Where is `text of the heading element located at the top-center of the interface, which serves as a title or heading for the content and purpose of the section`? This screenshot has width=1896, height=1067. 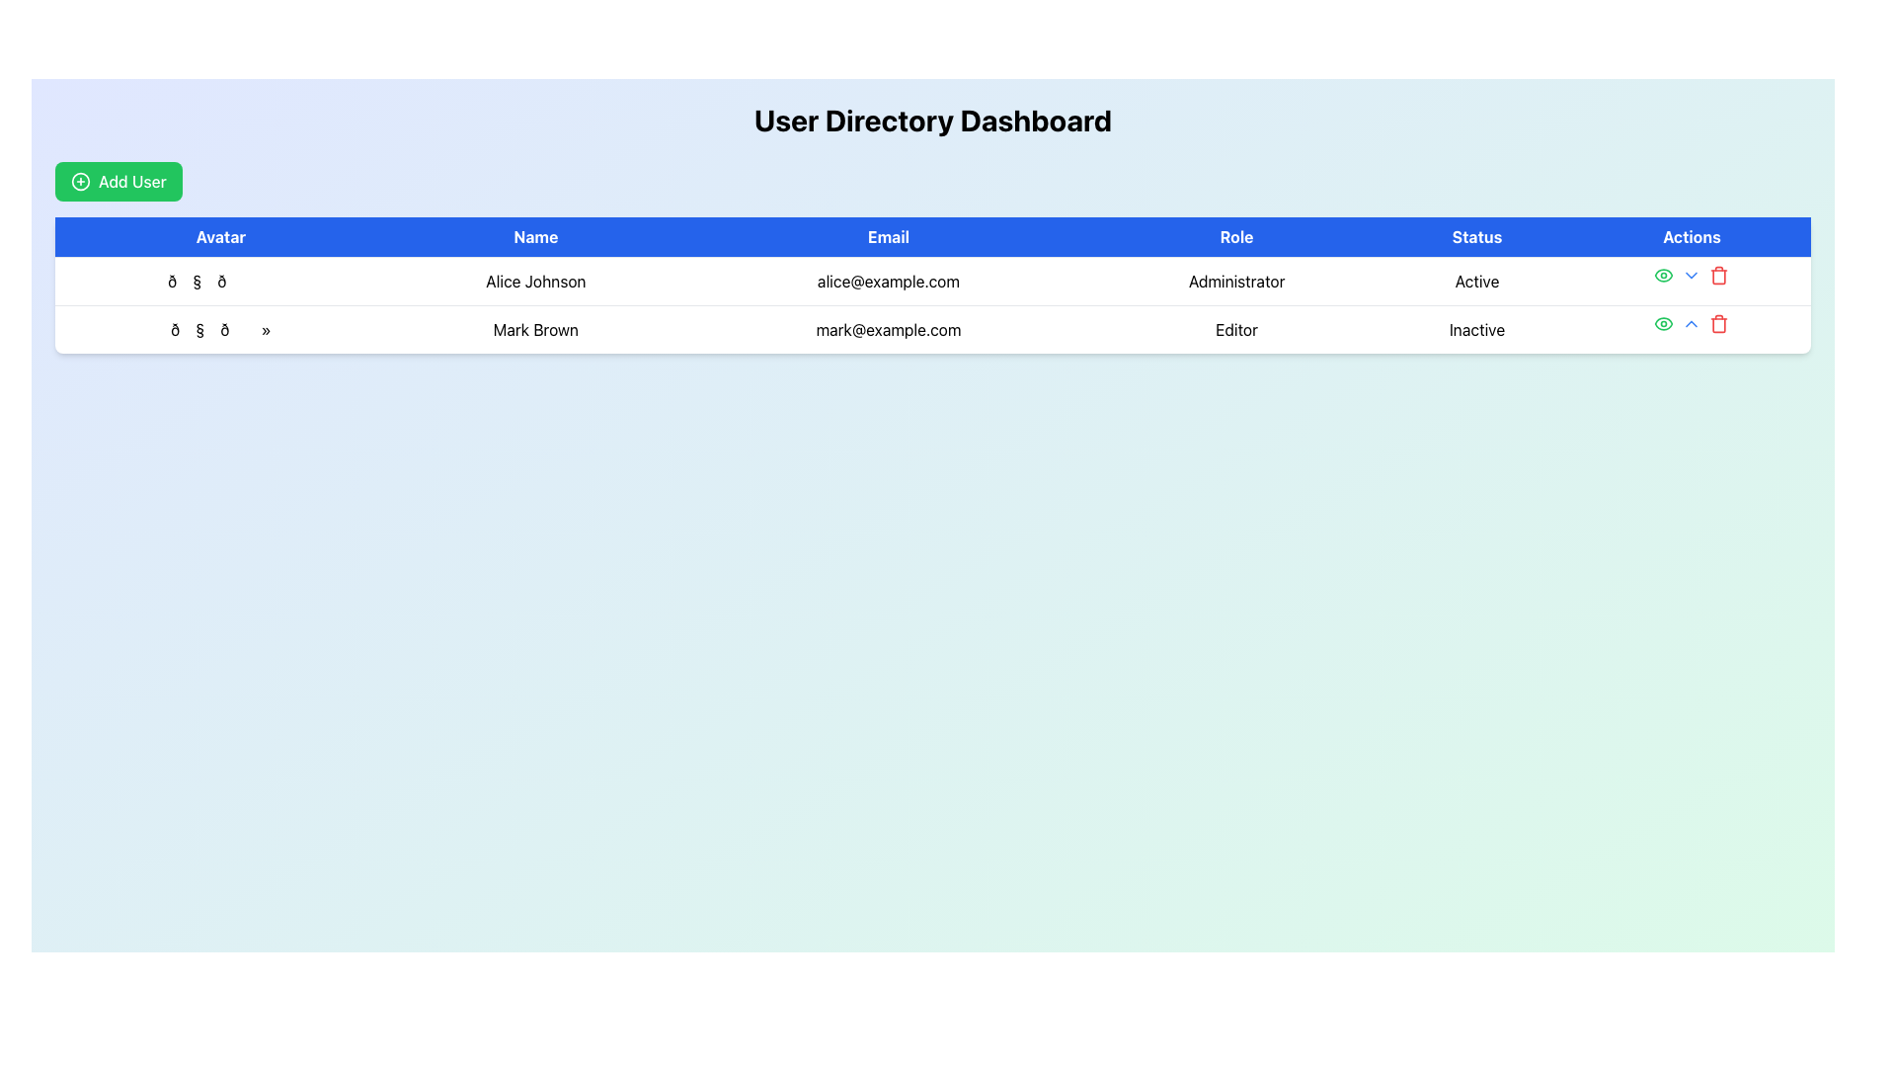 text of the heading element located at the top-center of the interface, which serves as a title or heading for the content and purpose of the section is located at coordinates (932, 121).